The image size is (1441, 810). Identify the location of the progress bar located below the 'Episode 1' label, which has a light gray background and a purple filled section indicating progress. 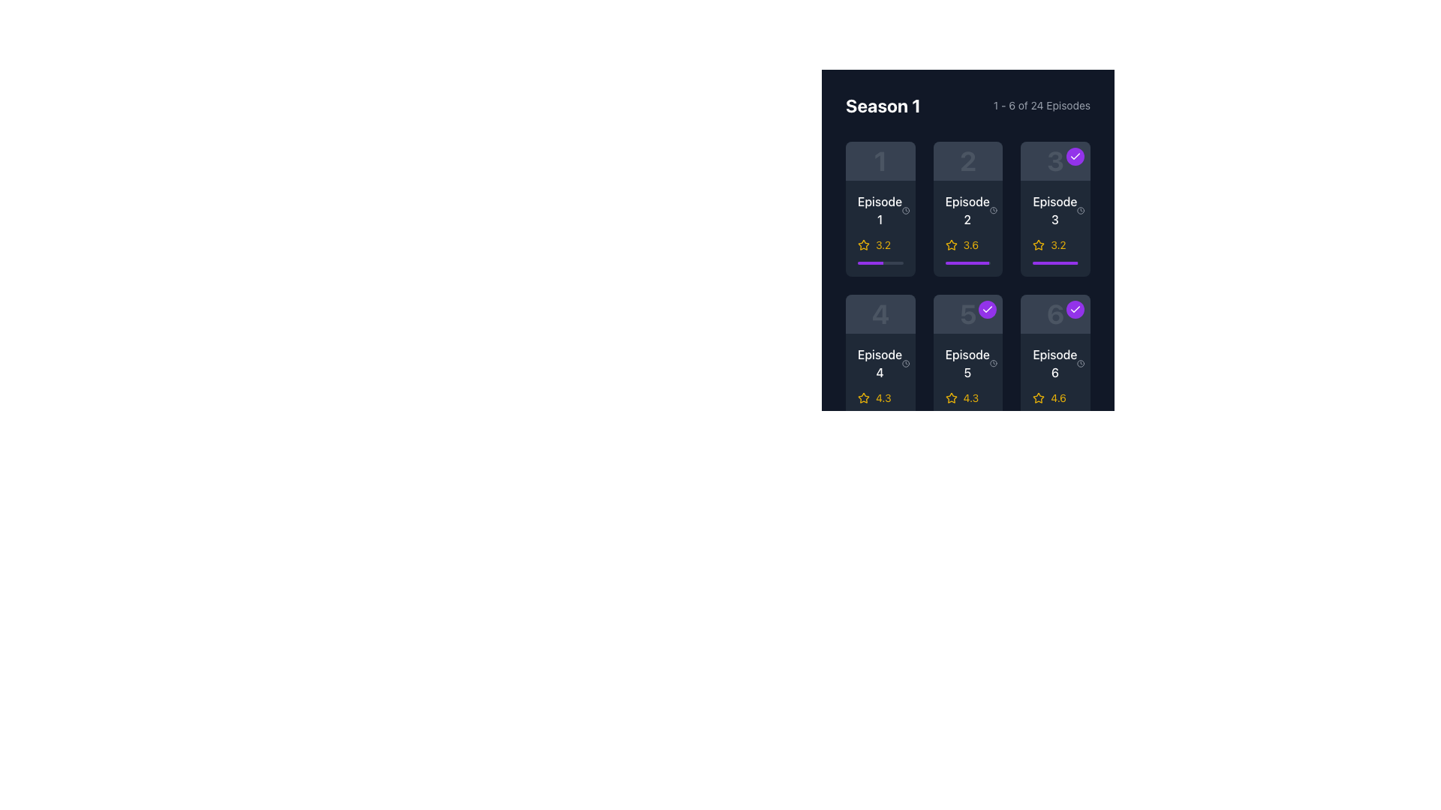
(880, 262).